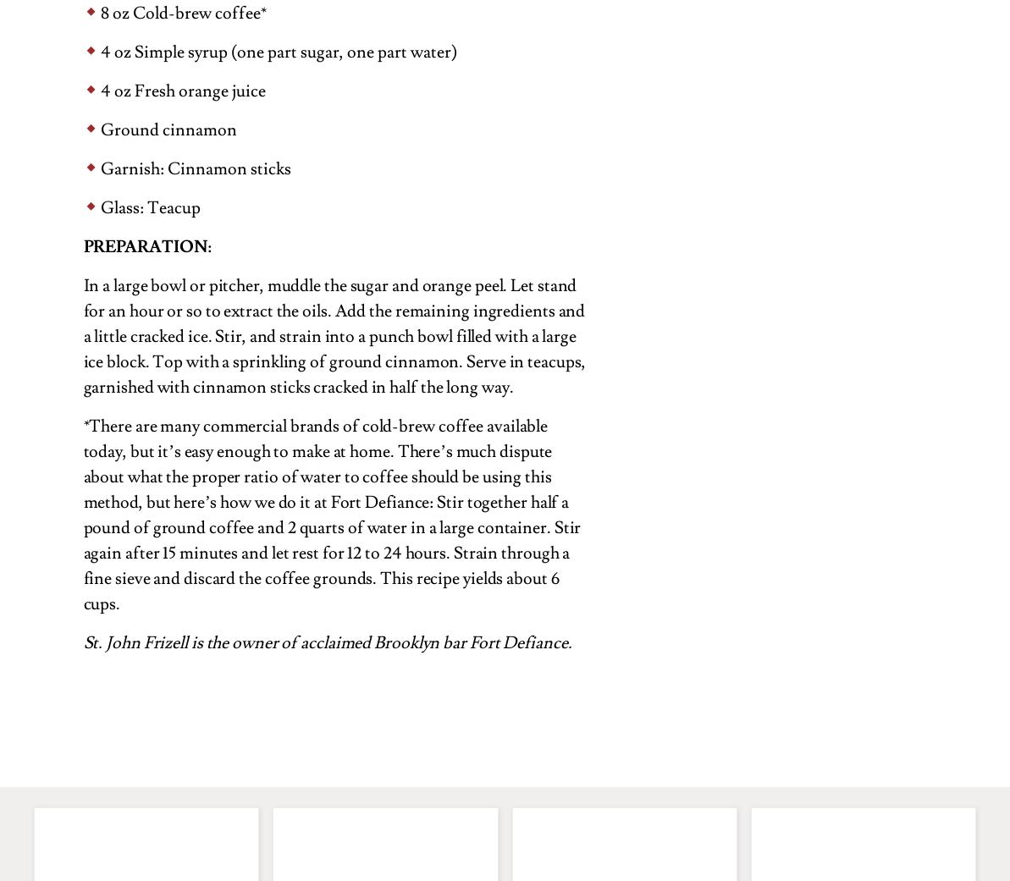 The height and width of the screenshot is (881, 1010). Describe the element at coordinates (331, 515) in the screenshot. I see `'*There are many commercial brands of cold-brew coffee available today, but it’s easy enough to make at home. There’s much dispute about what the proper ratio of water to coffee should be using this method, but here’s how we do it at Fort Defiance: Stir together half a pound of ground coffee and 2 quarts of water in a large container. Stir again after 15 minutes and let rest for 12 to 24 hours. Strain through a fine sieve and discard the coffee grounds. This recipe yields about 6 cups.'` at that location.